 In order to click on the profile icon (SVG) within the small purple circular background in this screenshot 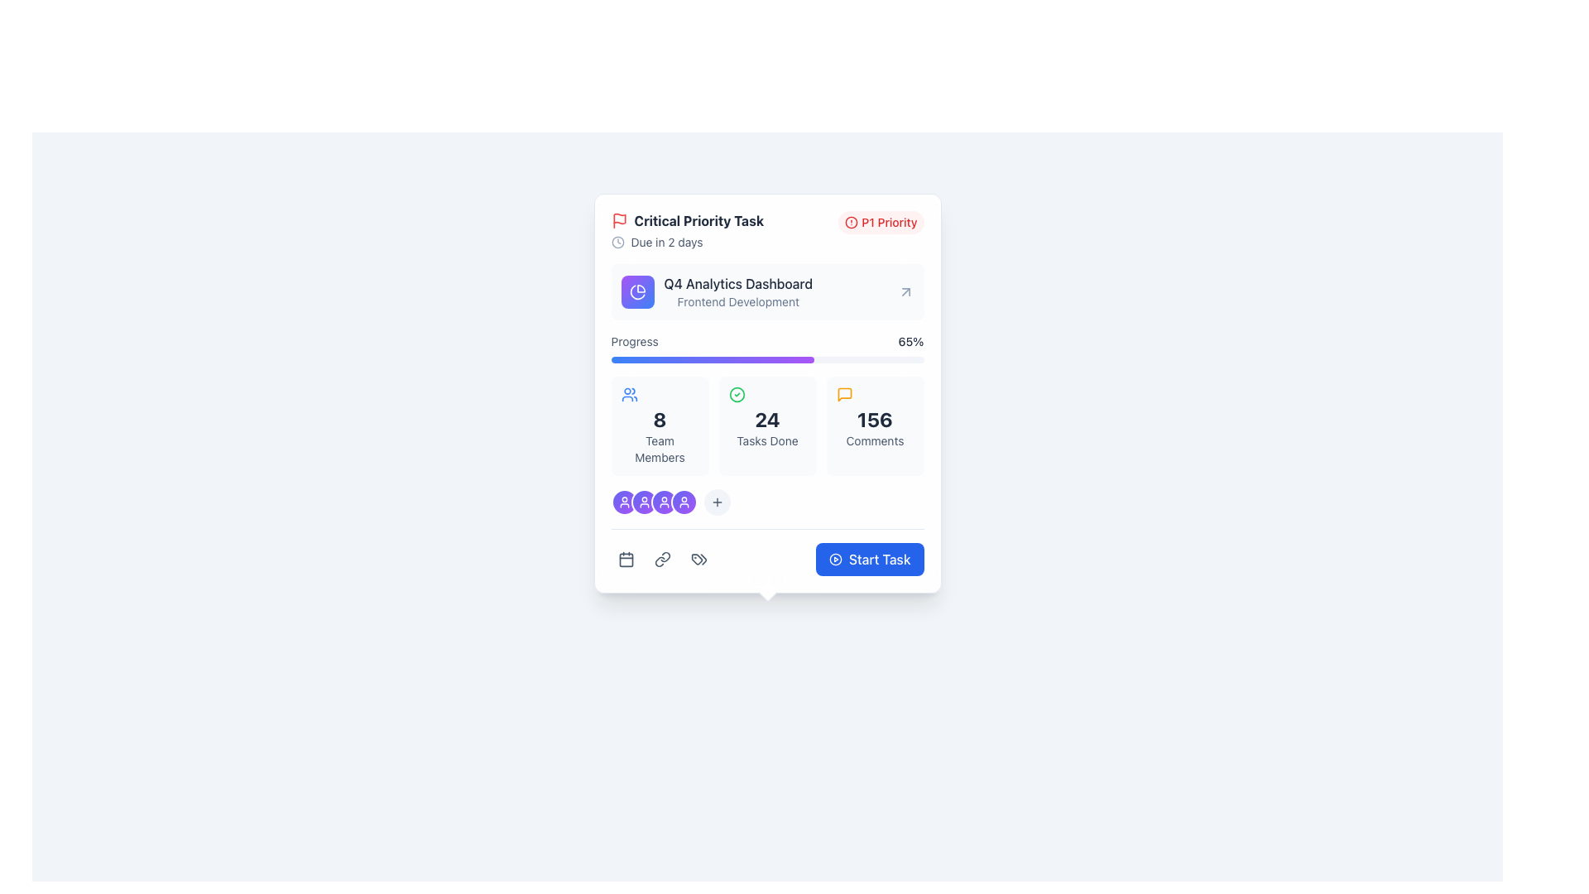, I will do `click(643, 501)`.